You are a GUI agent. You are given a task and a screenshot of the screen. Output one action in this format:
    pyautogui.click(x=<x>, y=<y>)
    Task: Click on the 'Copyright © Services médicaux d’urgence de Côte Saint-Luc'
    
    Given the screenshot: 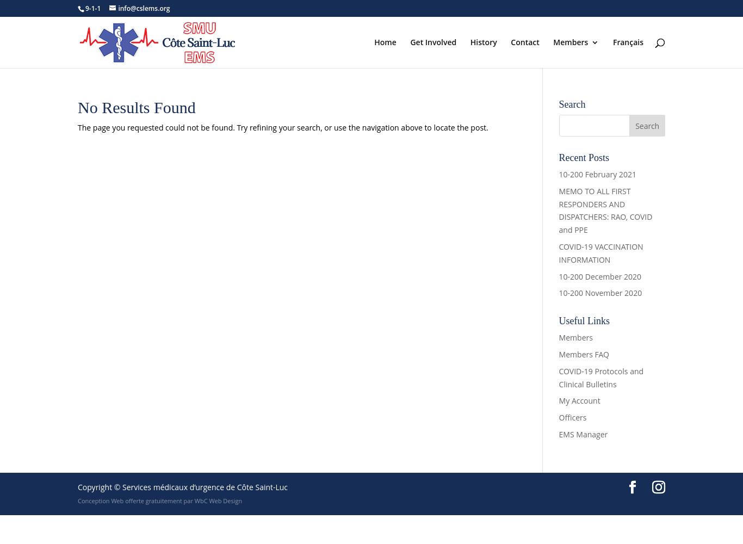 What is the action you would take?
    pyautogui.click(x=183, y=486)
    